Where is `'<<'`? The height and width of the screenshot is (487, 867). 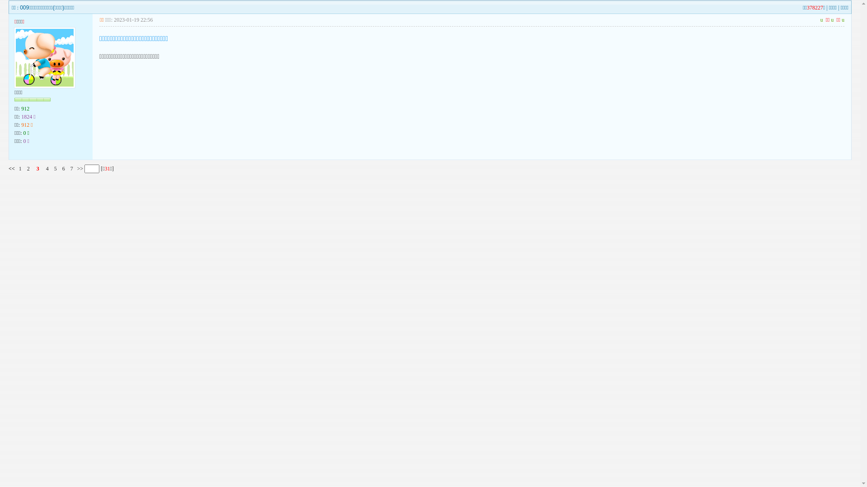
'<<' is located at coordinates (11, 169).